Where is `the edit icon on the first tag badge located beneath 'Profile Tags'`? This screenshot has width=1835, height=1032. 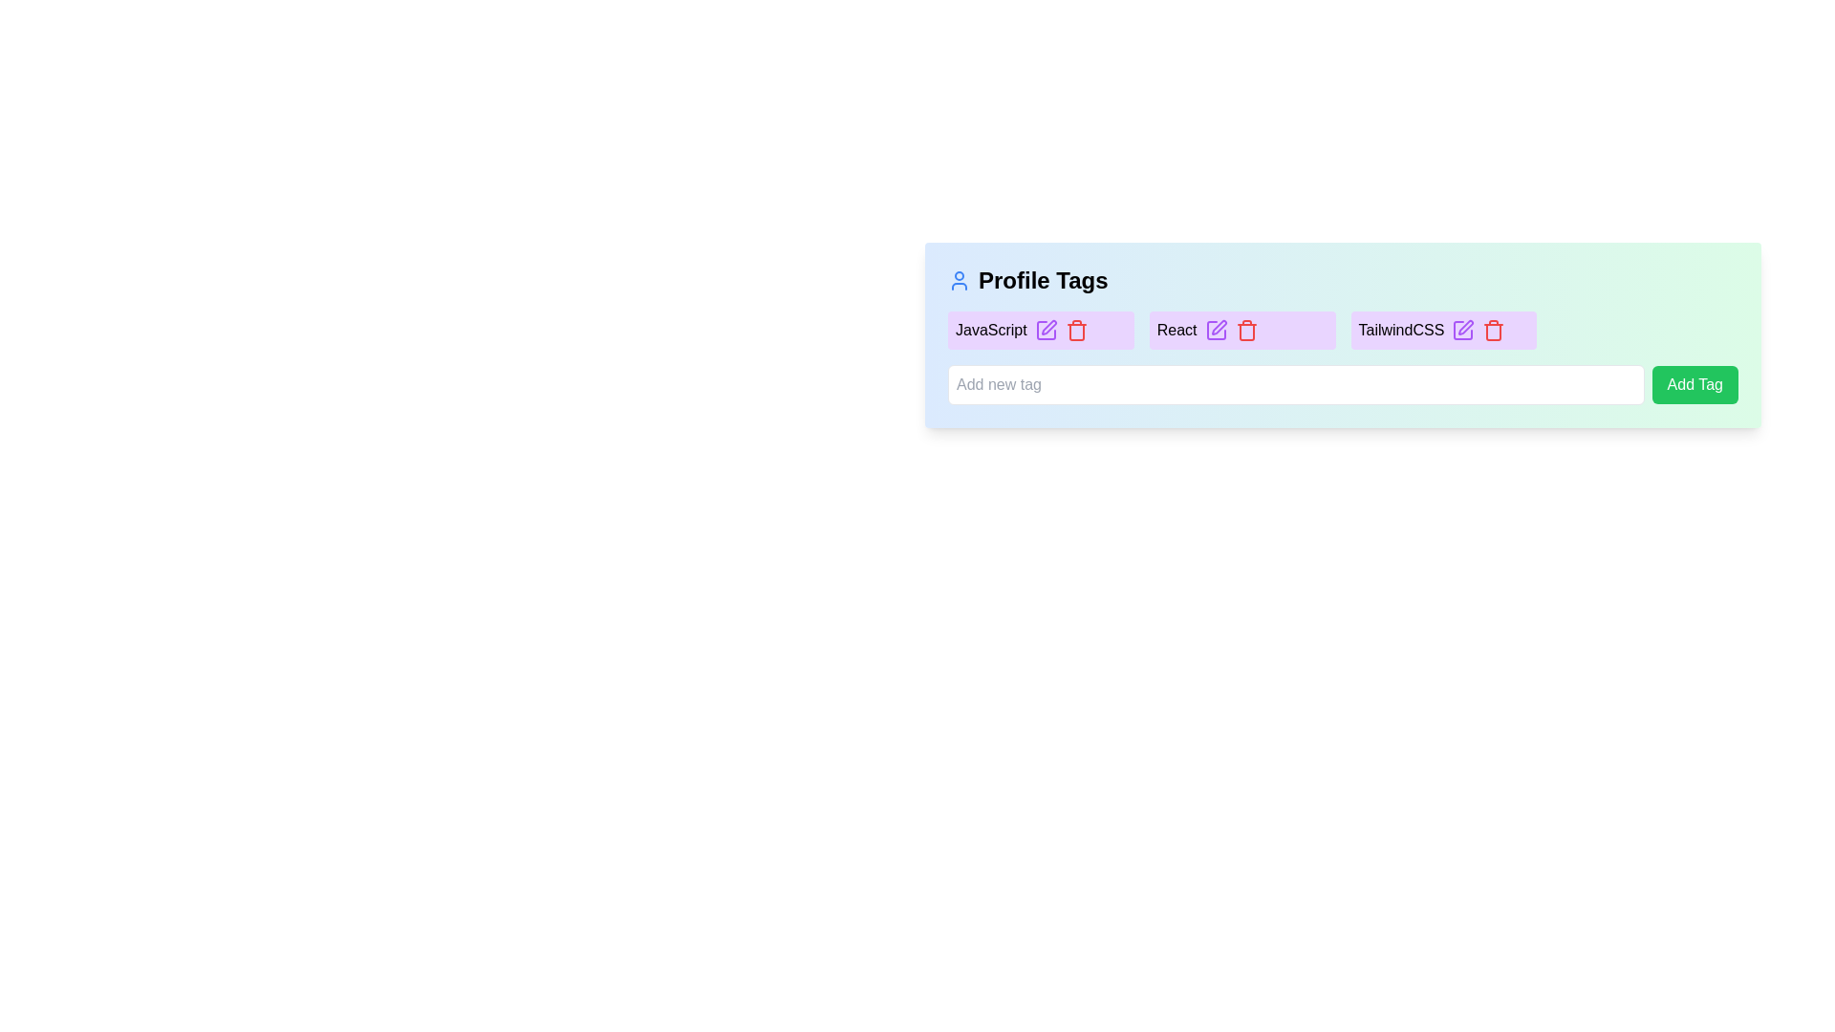 the edit icon on the first tag badge located beneath 'Profile Tags' is located at coordinates (1040, 330).